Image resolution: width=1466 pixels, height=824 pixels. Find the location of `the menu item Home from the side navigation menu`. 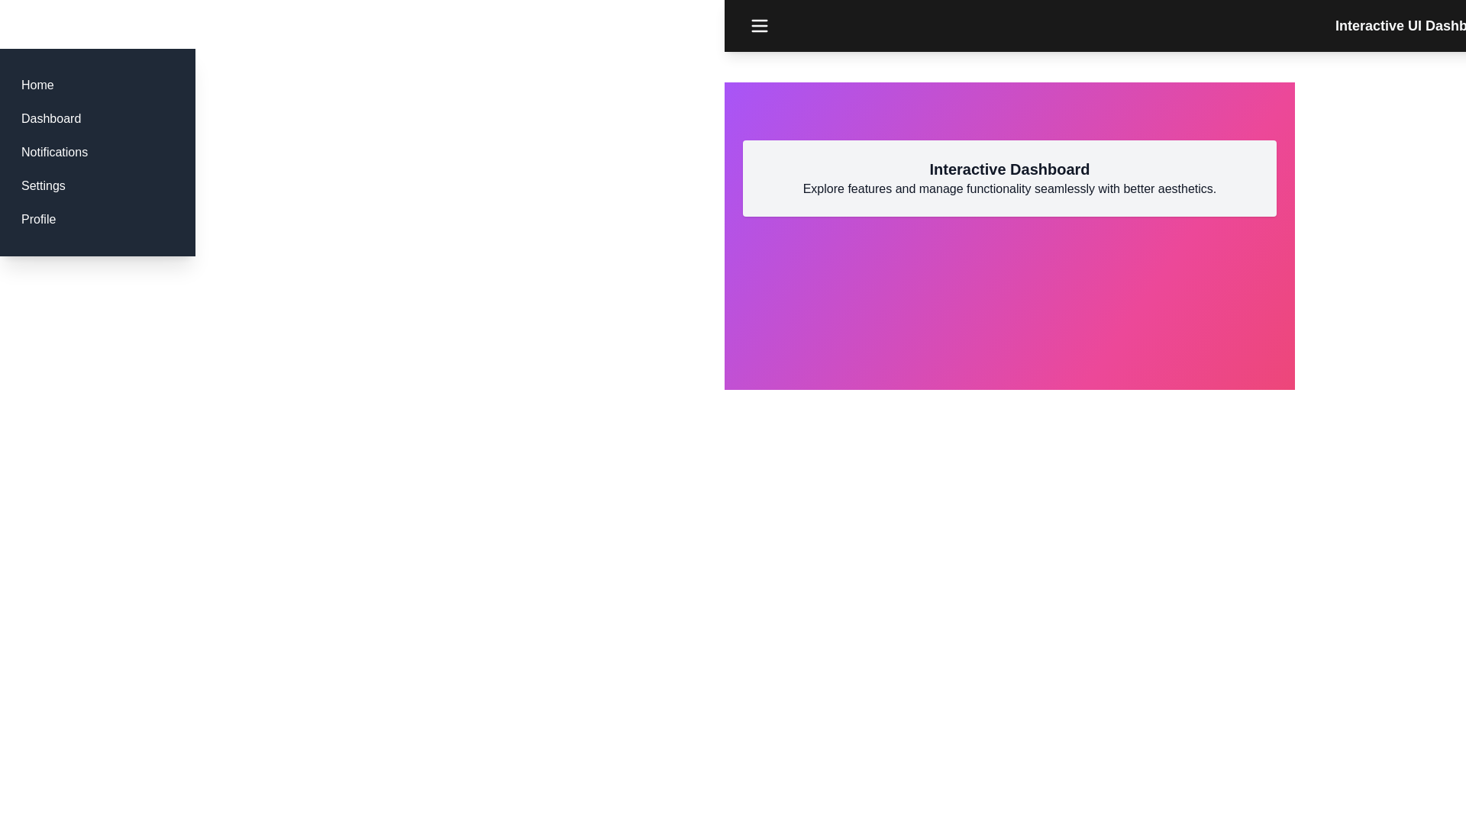

the menu item Home from the side navigation menu is located at coordinates (37, 85).